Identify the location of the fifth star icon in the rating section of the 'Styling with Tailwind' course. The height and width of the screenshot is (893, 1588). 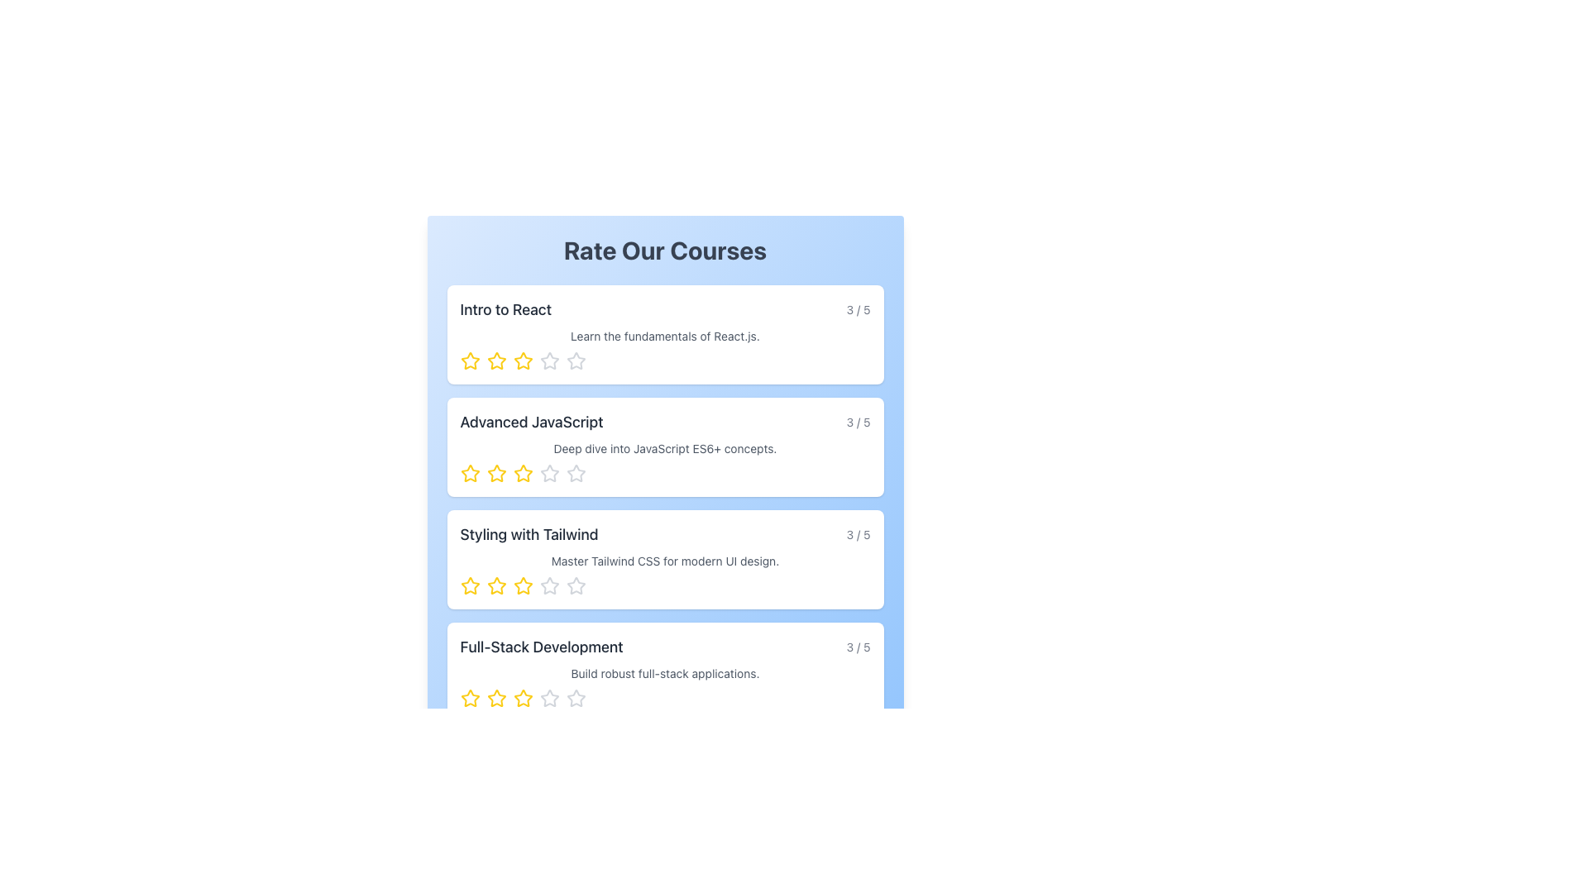
(522, 585).